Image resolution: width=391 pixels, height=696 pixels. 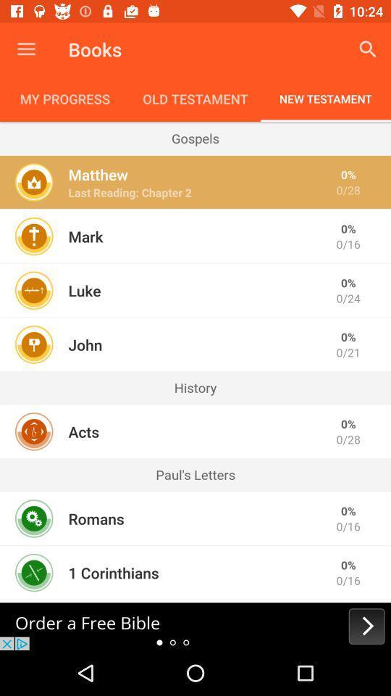 I want to click on john item, so click(x=85, y=344).